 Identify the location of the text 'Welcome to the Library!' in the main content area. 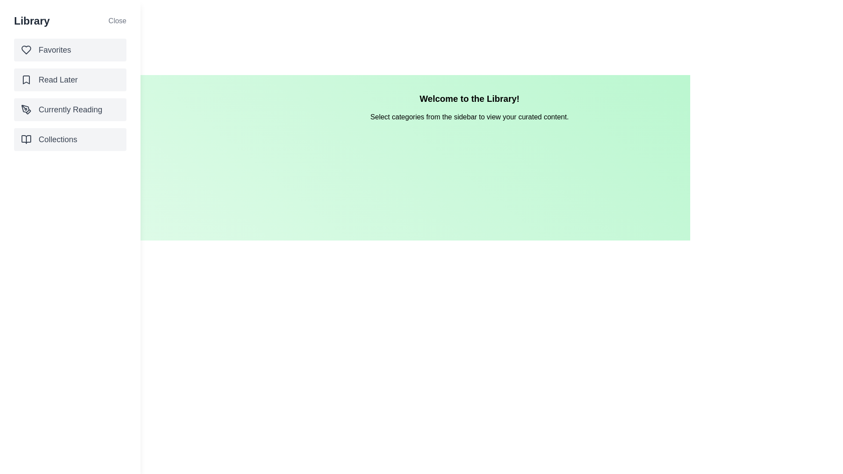
(469, 98).